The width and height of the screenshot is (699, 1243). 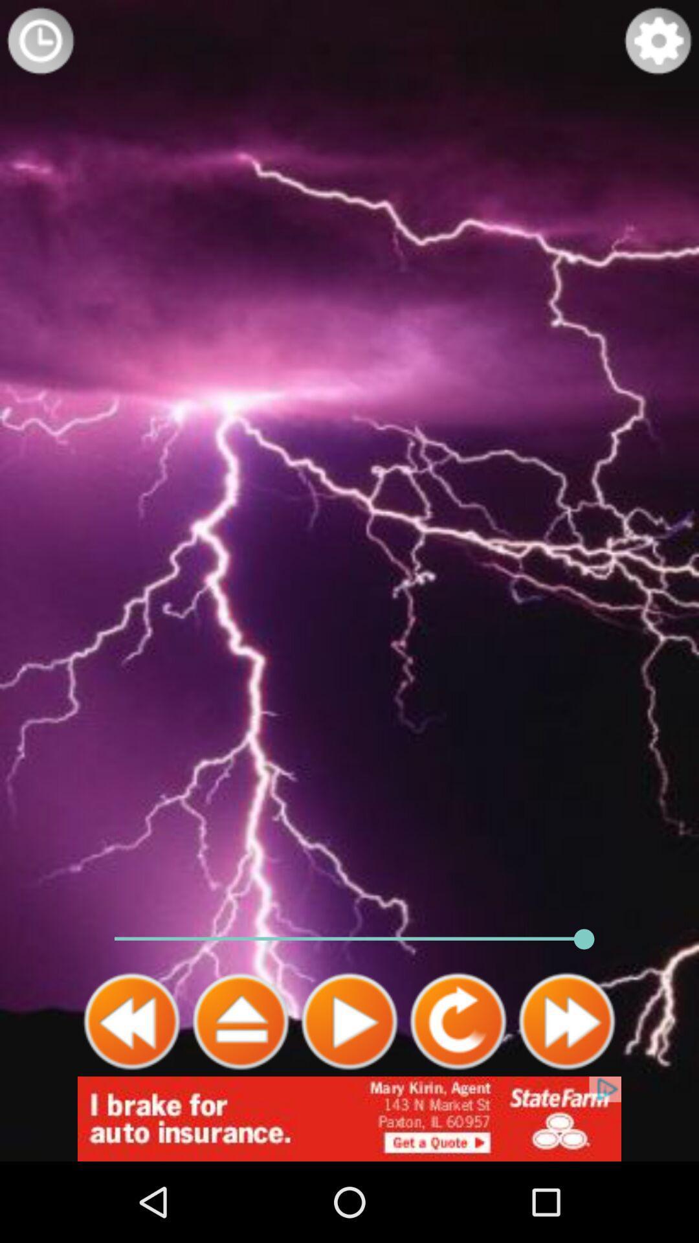 I want to click on the av_rewind icon, so click(x=132, y=1093).